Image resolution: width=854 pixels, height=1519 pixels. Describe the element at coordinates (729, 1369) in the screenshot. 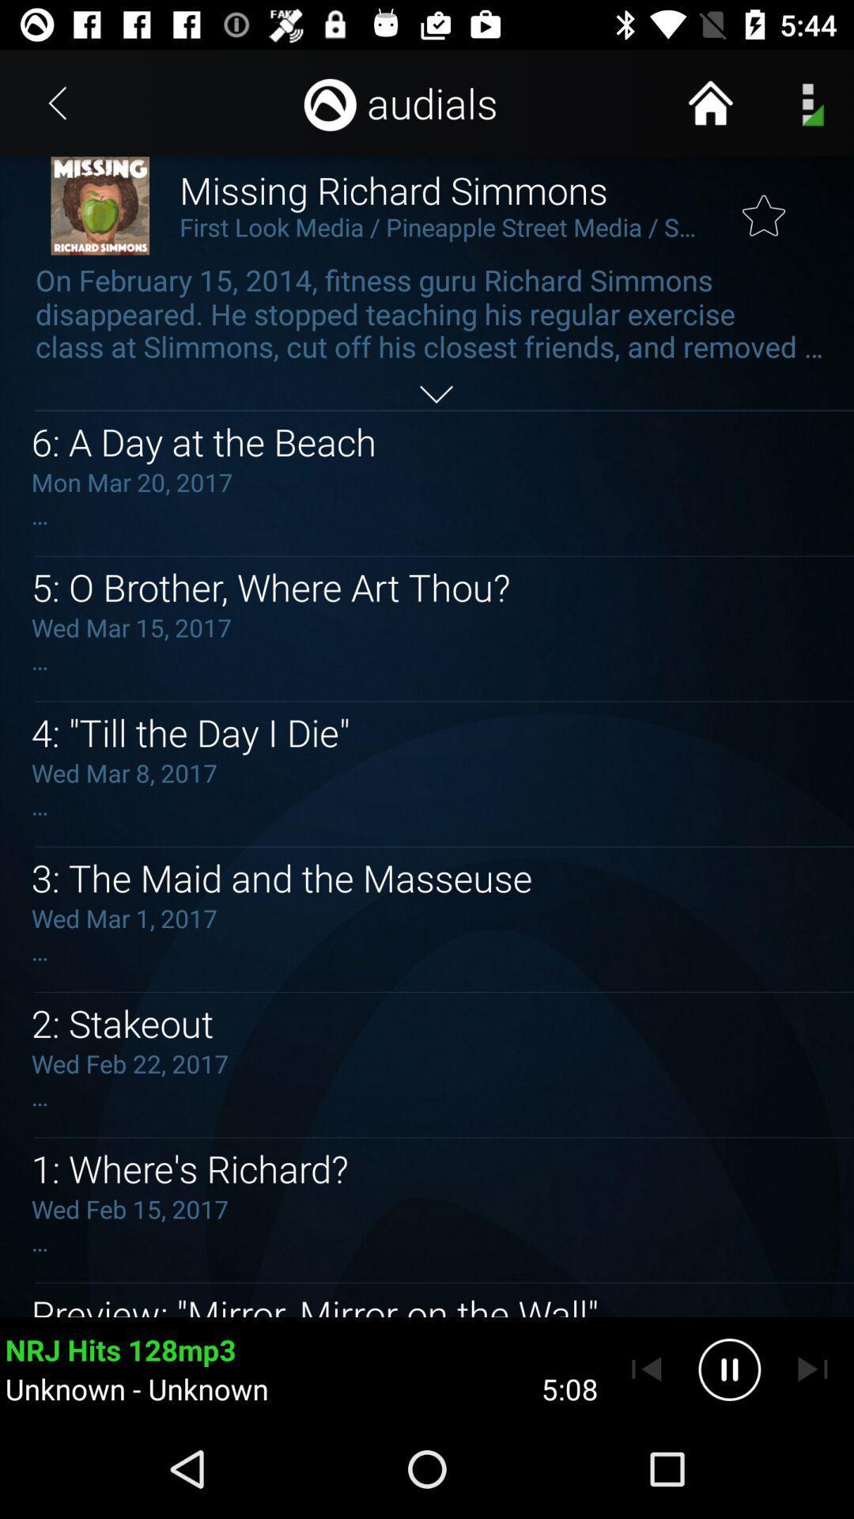

I see `the pause icon` at that location.